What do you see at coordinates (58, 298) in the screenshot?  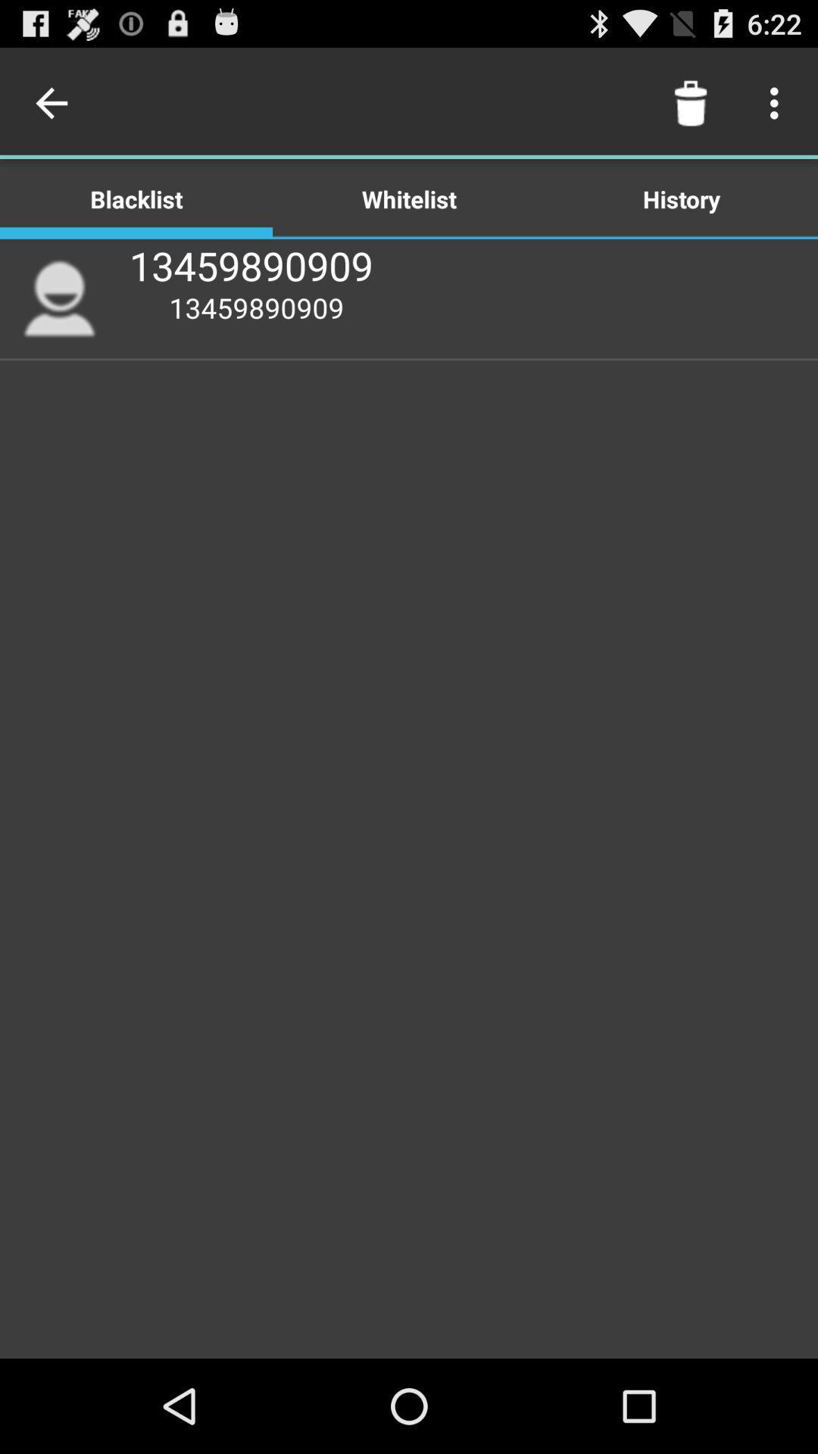 I see `item below the blacklist item` at bounding box center [58, 298].